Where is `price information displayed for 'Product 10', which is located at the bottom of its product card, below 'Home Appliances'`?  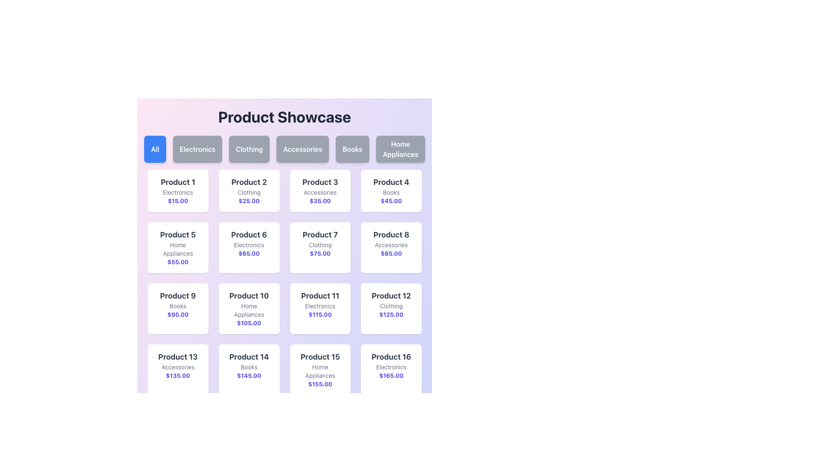
price information displayed for 'Product 10', which is located at the bottom of its product card, below 'Home Appliances' is located at coordinates (248, 323).